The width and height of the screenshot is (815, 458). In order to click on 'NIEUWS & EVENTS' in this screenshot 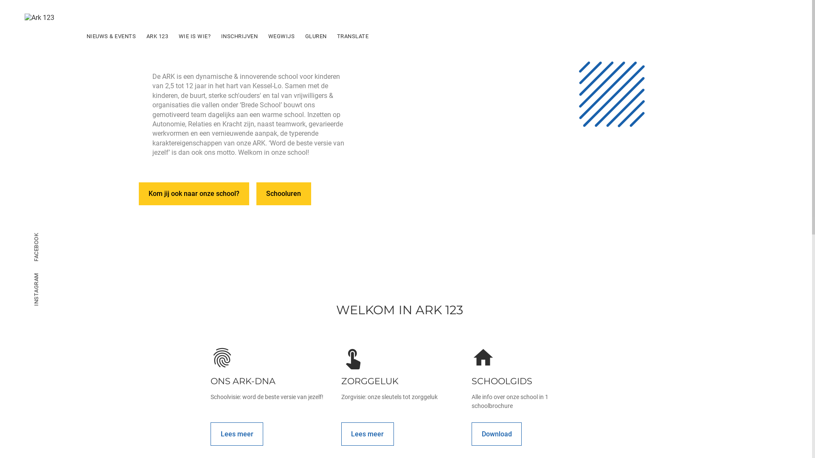, I will do `click(111, 35)`.